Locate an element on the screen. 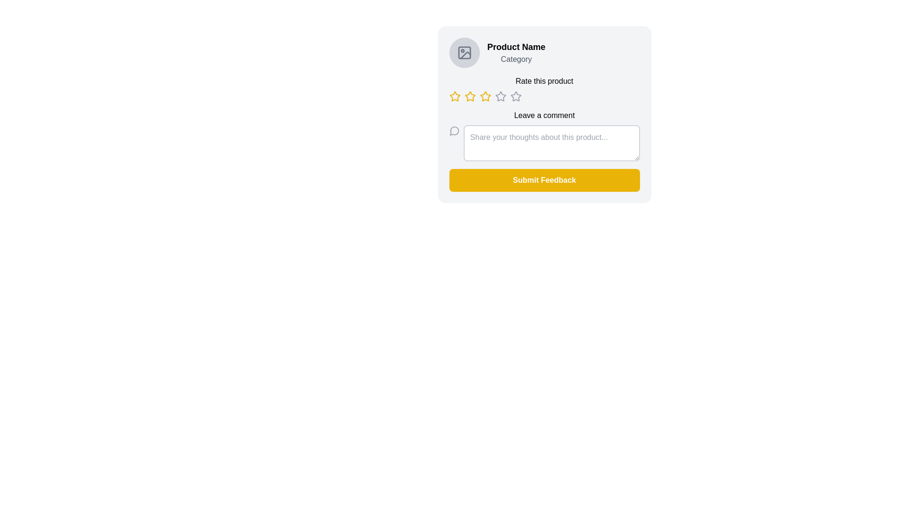 Image resolution: width=915 pixels, height=514 pixels. the second star in the rating system located under the 'Rate this product' text is located at coordinates (470, 97).